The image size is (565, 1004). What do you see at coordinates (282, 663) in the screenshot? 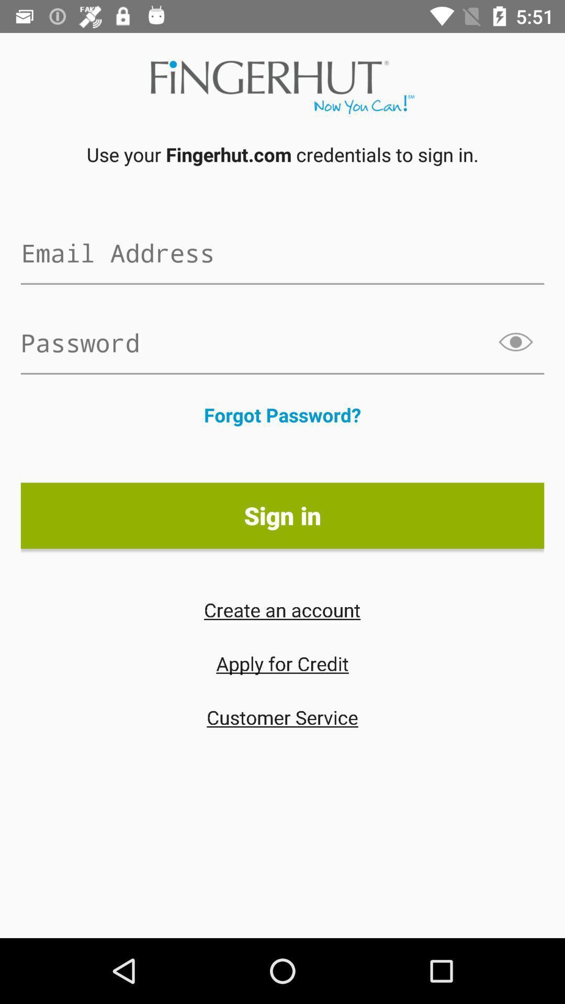
I see `the apply for credit item` at bounding box center [282, 663].